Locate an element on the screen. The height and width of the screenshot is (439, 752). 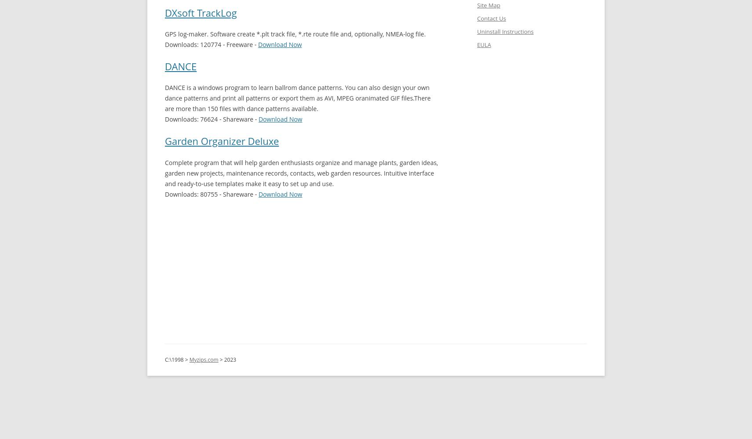
'GPS log-maker. Software create *.plt track file, *.rte route file and, optionally, NMEA-log file.' is located at coordinates (295, 33).